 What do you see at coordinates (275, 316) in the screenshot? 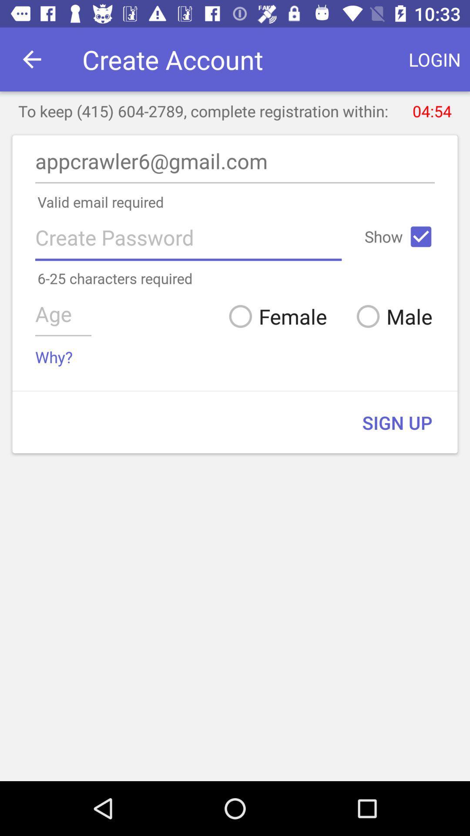
I see `the item to the left of male` at bounding box center [275, 316].